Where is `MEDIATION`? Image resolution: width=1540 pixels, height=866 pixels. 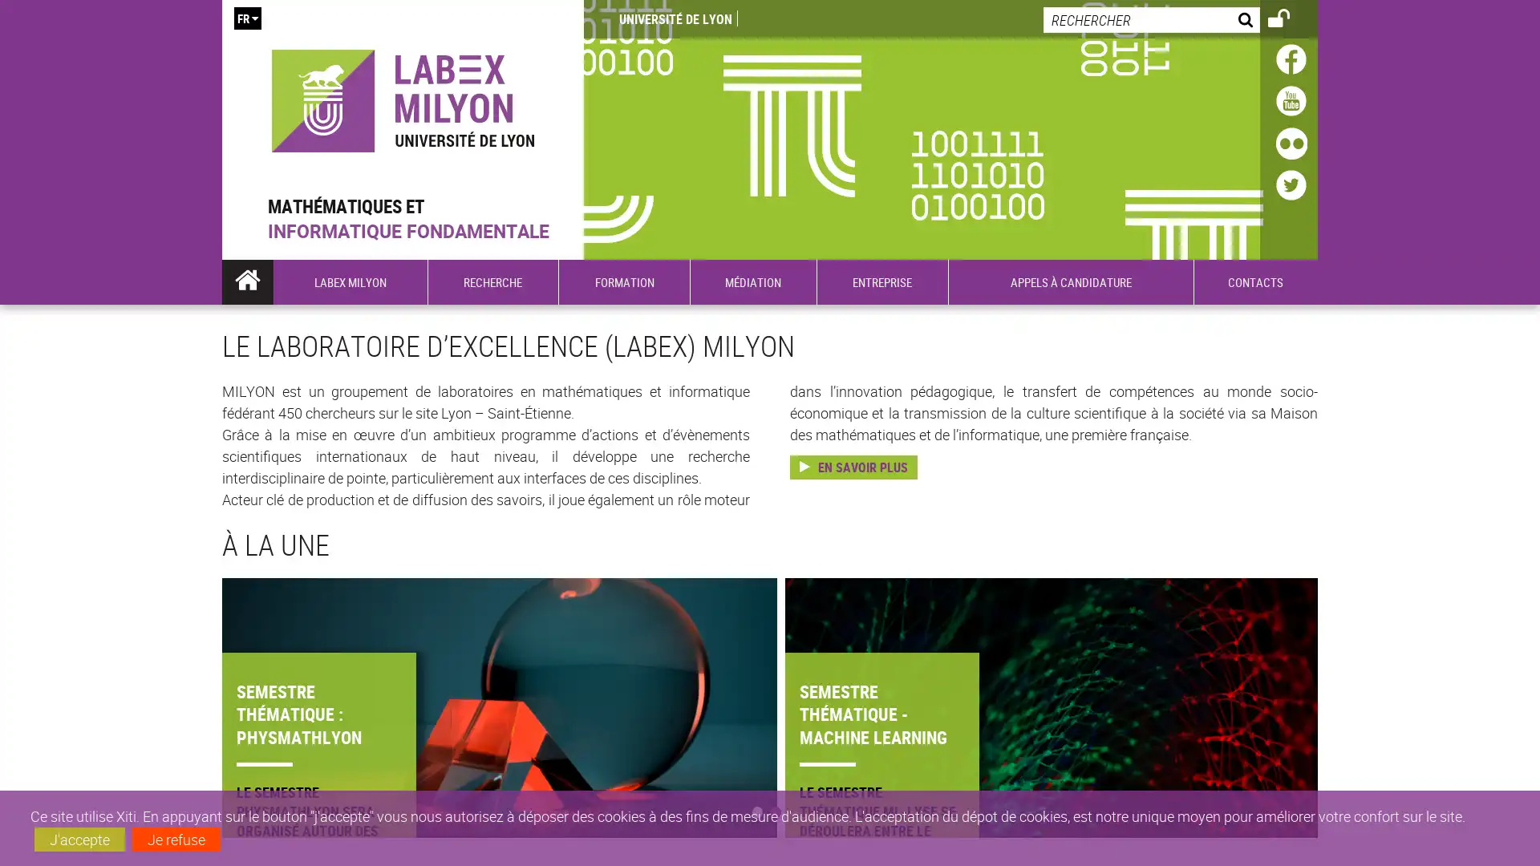 MEDIATION is located at coordinates (752, 281).